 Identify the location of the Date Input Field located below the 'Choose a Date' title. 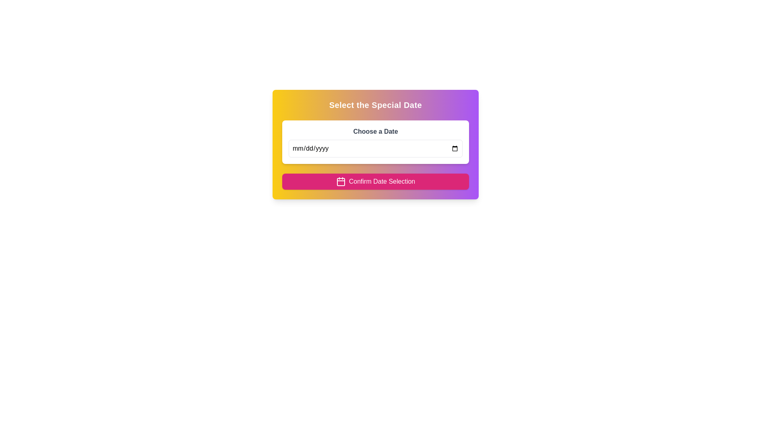
(375, 149).